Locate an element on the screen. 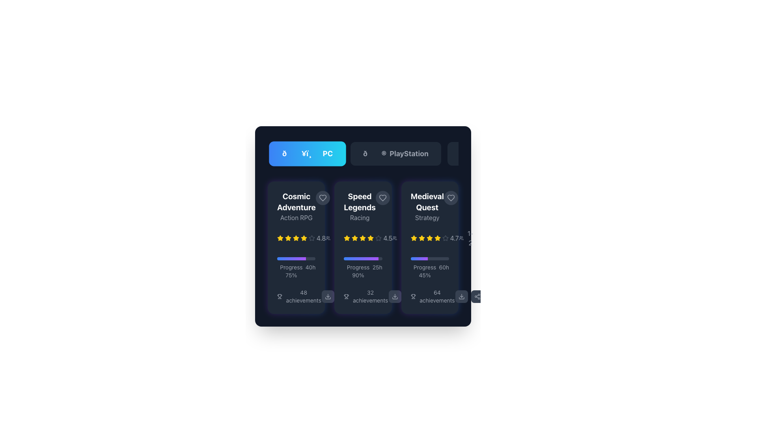  the Rating Display element, which shows four filled yellow stars and the text '4.5' in gray, located at the top of the middle card in a three-column layout is located at coordinates (367, 238).